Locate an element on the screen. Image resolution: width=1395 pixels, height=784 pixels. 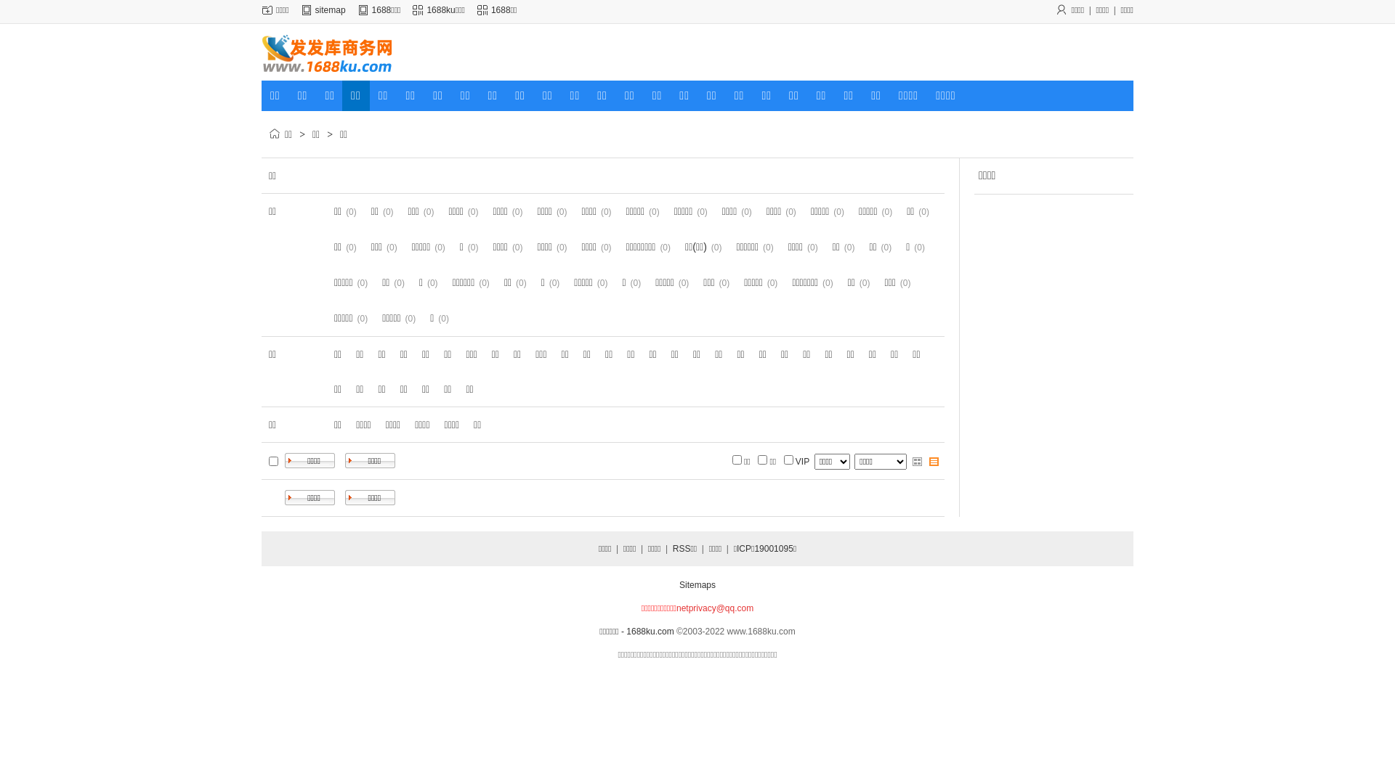
'on' is located at coordinates (737, 459).